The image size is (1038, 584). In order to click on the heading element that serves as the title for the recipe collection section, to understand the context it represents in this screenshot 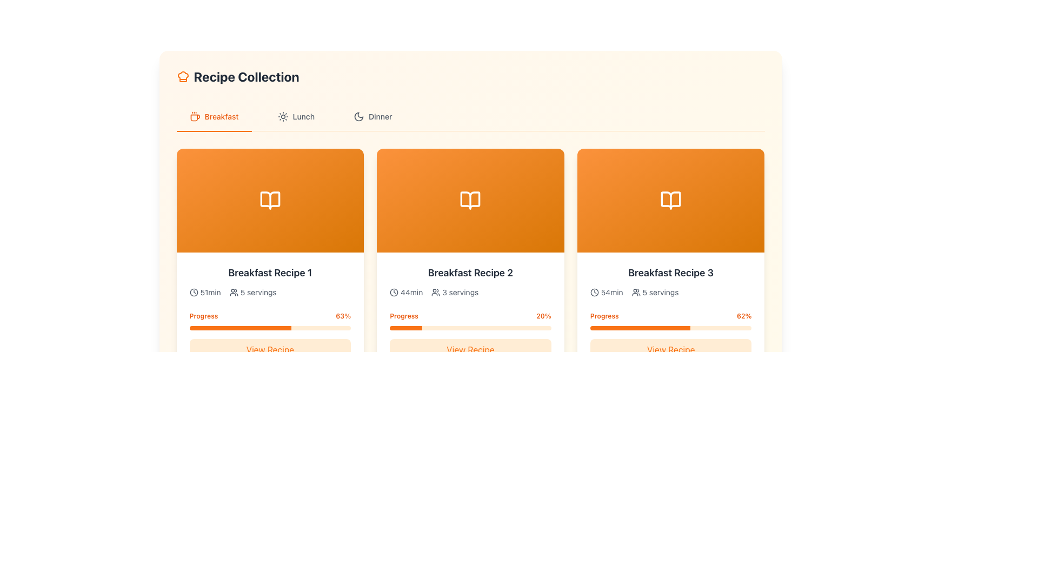, I will do `click(237, 76)`.